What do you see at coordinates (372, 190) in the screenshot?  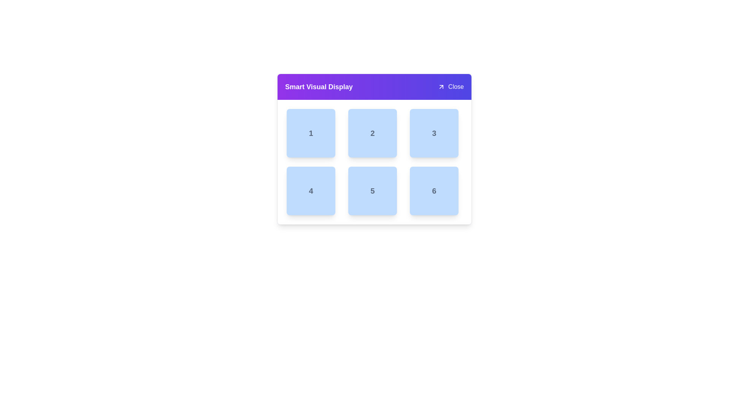 I see `the light blue box containing the bold numeral '5', which is located in the second row, second column of a grid layout` at bounding box center [372, 190].